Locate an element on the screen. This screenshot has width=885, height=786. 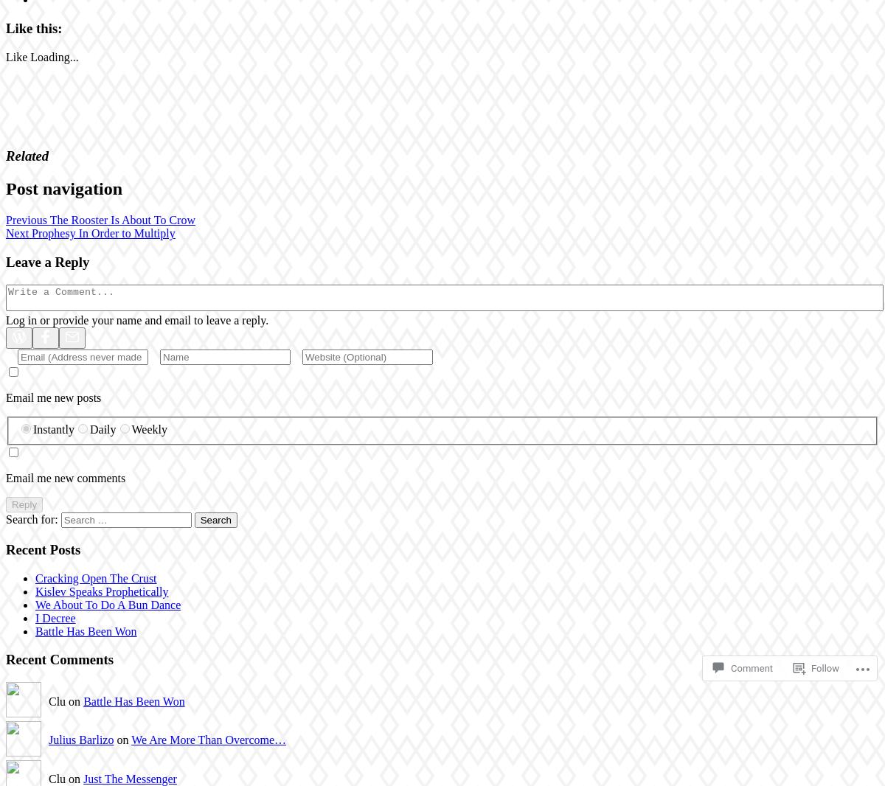
'We About To Do A Bun Dance' is located at coordinates (108, 604).